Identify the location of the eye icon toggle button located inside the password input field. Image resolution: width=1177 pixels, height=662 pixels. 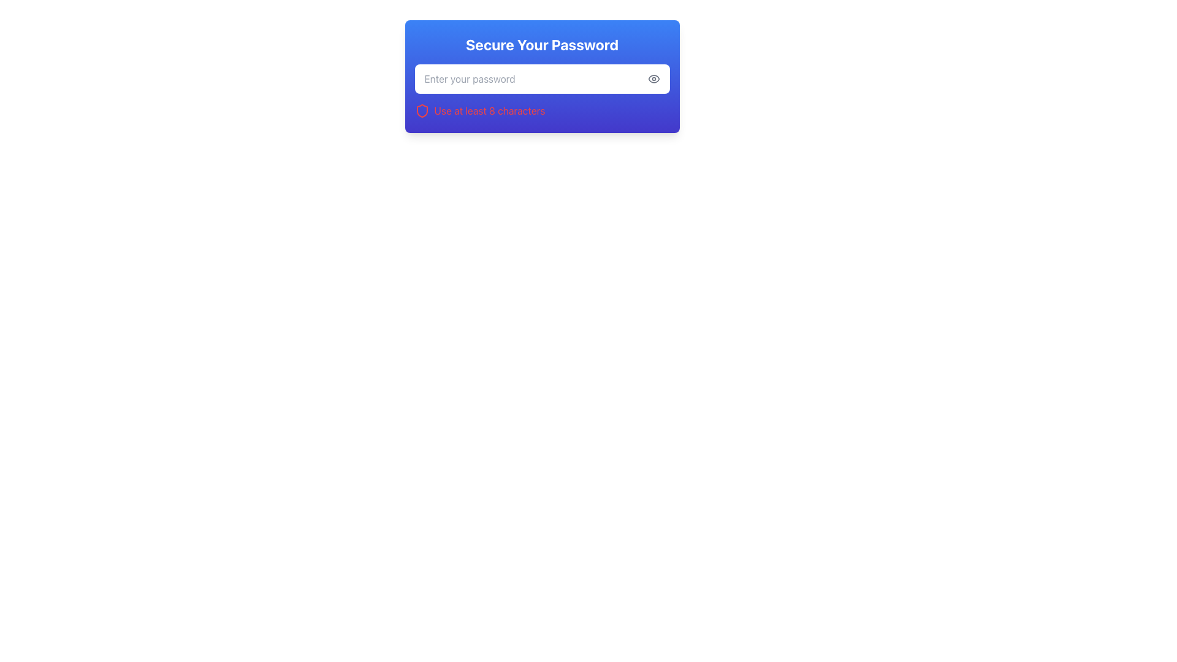
(653, 78).